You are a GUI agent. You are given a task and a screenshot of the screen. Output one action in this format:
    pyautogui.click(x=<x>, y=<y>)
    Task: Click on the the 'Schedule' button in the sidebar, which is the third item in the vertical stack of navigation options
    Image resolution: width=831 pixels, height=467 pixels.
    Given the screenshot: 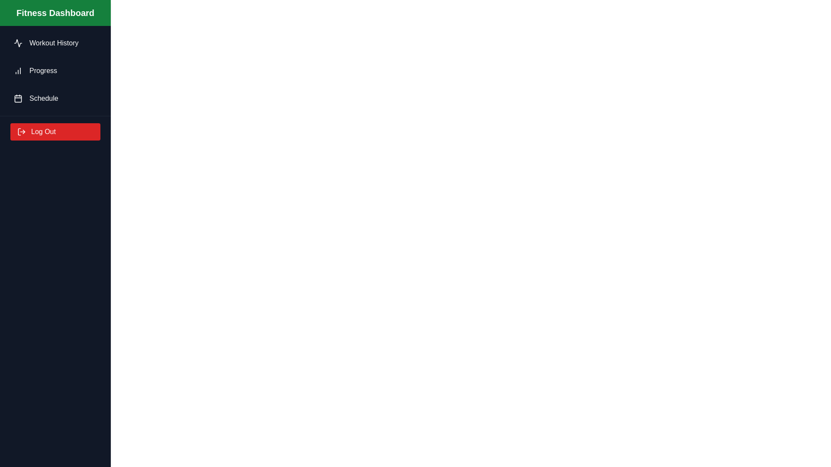 What is the action you would take?
    pyautogui.click(x=55, y=98)
    